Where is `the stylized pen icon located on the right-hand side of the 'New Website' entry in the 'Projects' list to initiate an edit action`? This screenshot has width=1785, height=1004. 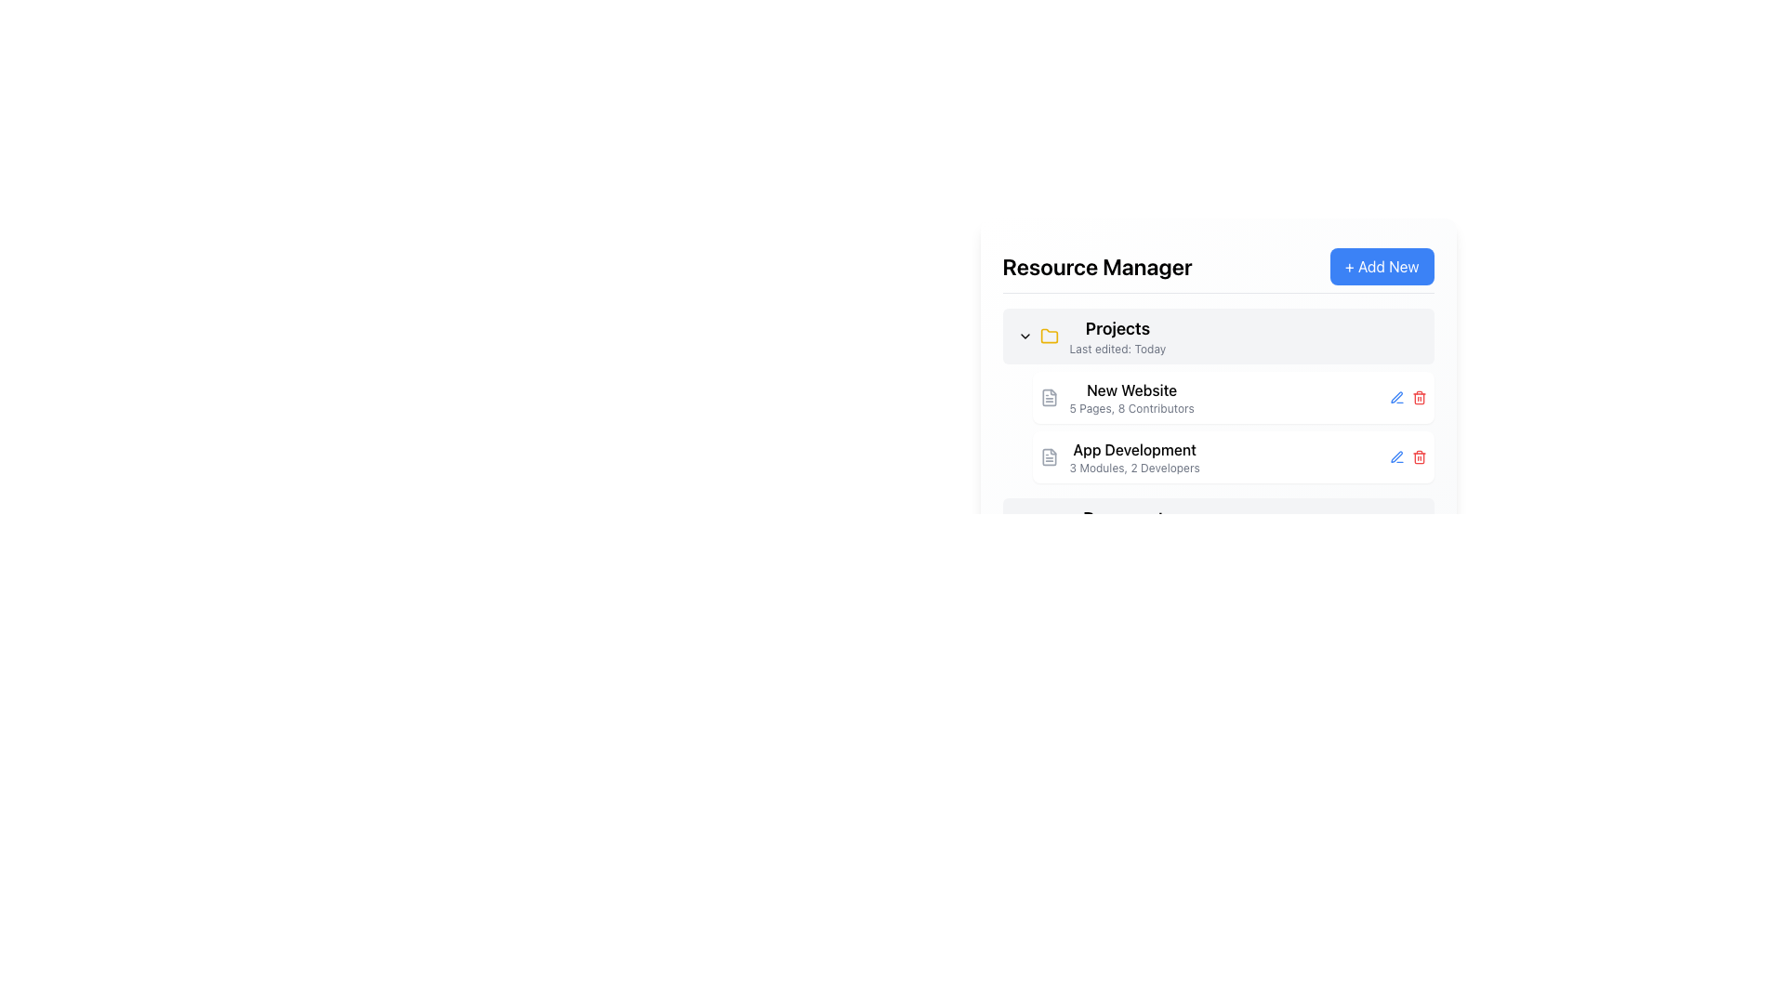 the stylized pen icon located on the right-hand side of the 'New Website' entry in the 'Projects' list to initiate an edit action is located at coordinates (1396, 456).